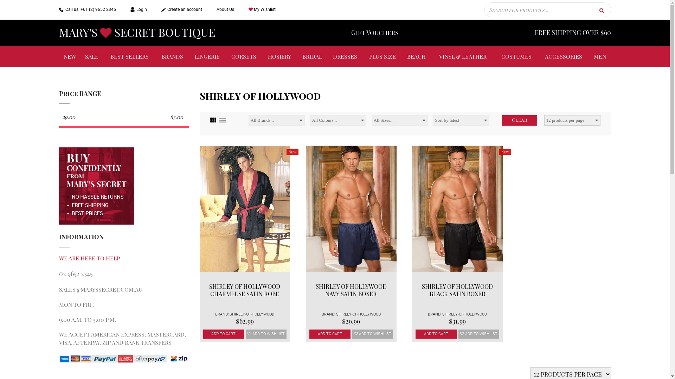 Image resolution: width=675 pixels, height=379 pixels. I want to click on 'HOSIERY', so click(279, 56).